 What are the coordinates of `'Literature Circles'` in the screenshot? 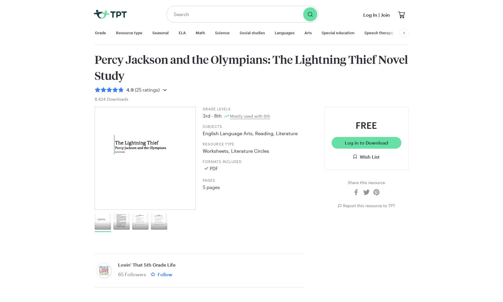 It's located at (250, 150).